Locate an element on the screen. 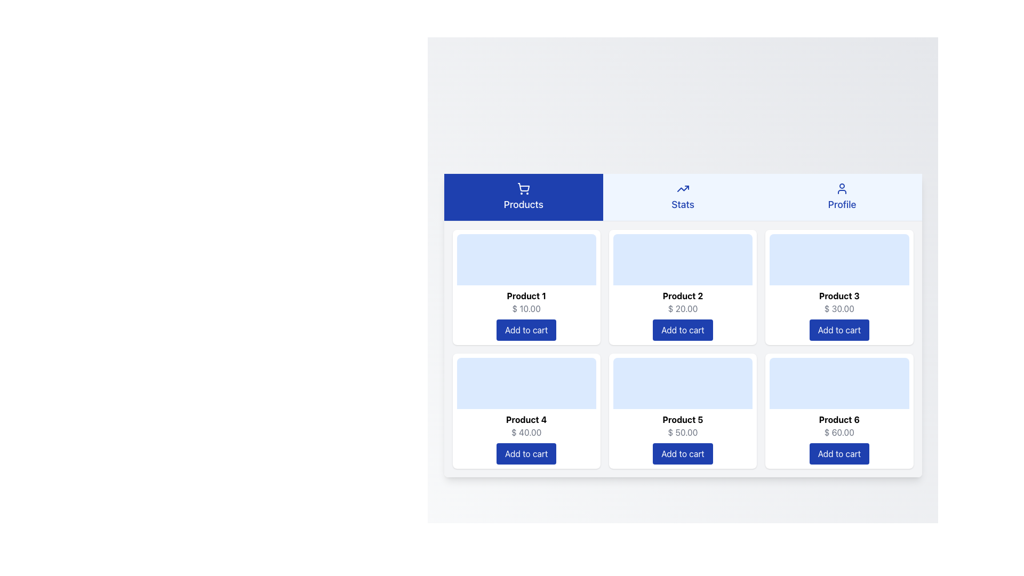 The image size is (1024, 576). the 'Products' icon located in the top navigation bar, which visually indicates the section containing purchasable items is located at coordinates (523, 188).